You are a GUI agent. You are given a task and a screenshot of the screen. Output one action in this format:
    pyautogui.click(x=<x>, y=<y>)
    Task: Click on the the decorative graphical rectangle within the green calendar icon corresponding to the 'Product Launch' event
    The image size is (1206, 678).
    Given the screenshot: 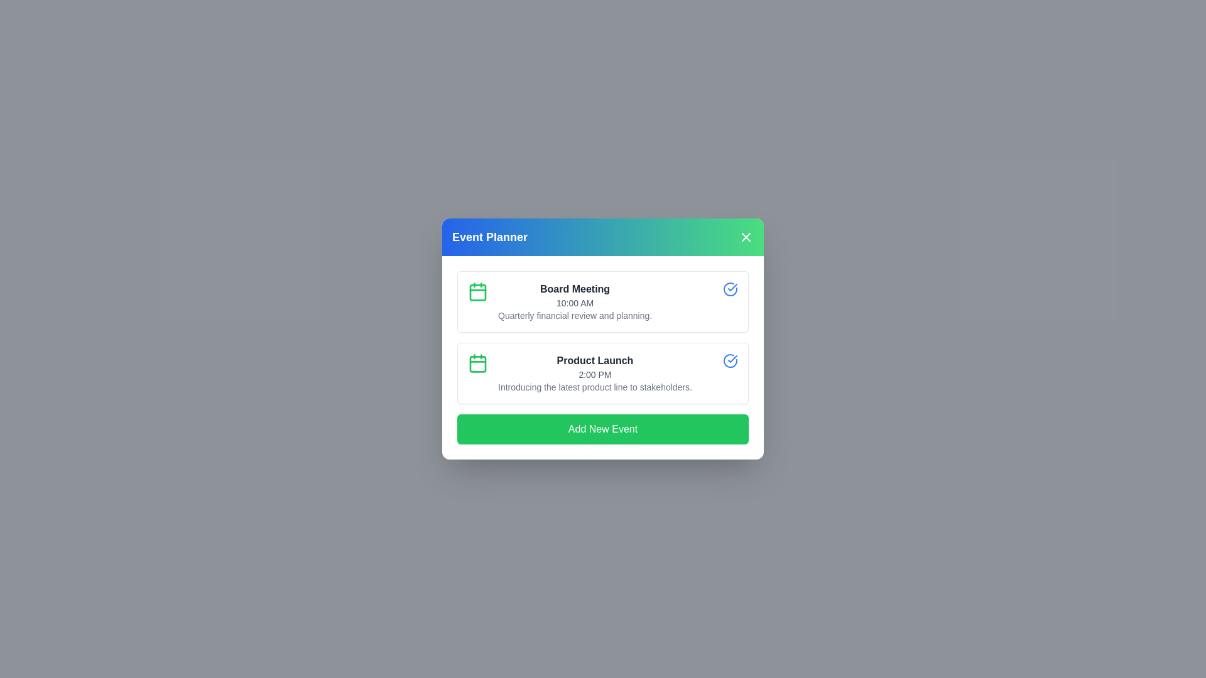 What is the action you would take?
    pyautogui.click(x=477, y=363)
    